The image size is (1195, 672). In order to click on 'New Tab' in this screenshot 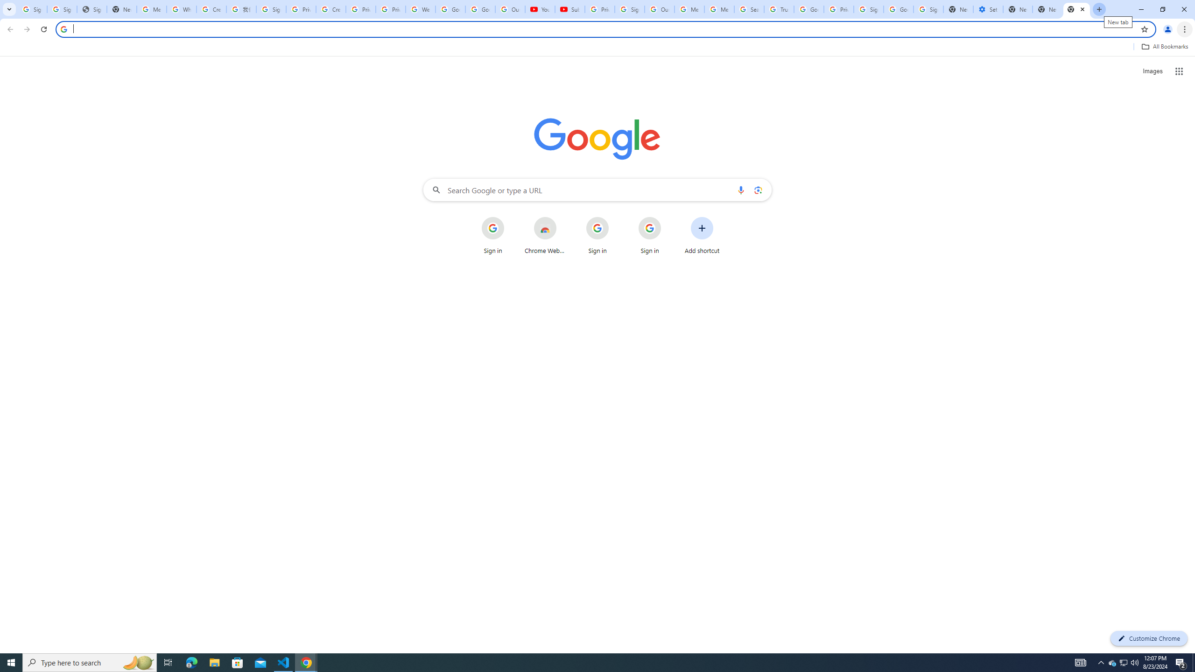, I will do `click(1076, 9)`.